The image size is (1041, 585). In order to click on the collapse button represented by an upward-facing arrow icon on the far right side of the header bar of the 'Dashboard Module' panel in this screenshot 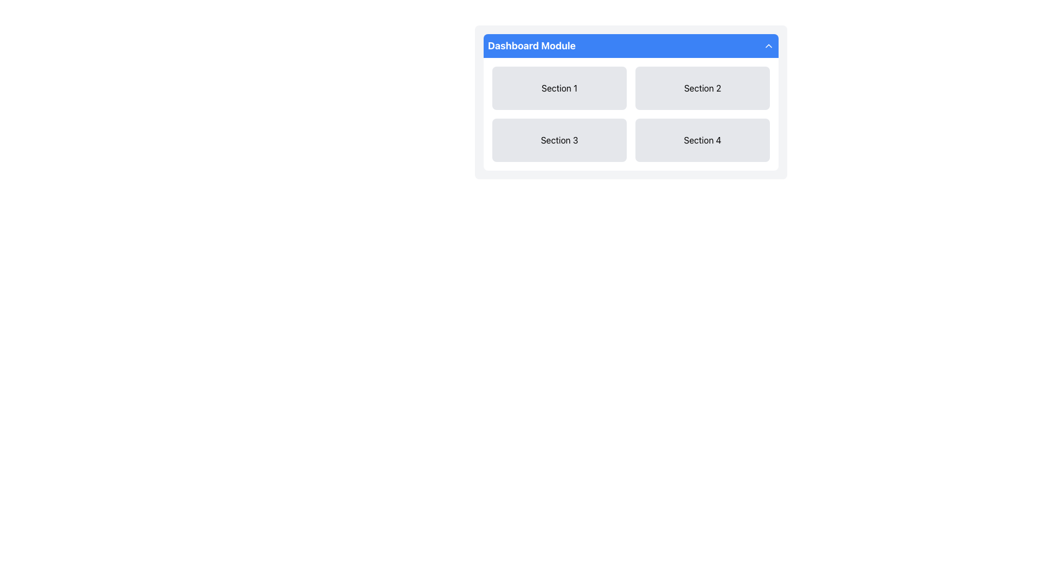, I will do `click(768, 45)`.